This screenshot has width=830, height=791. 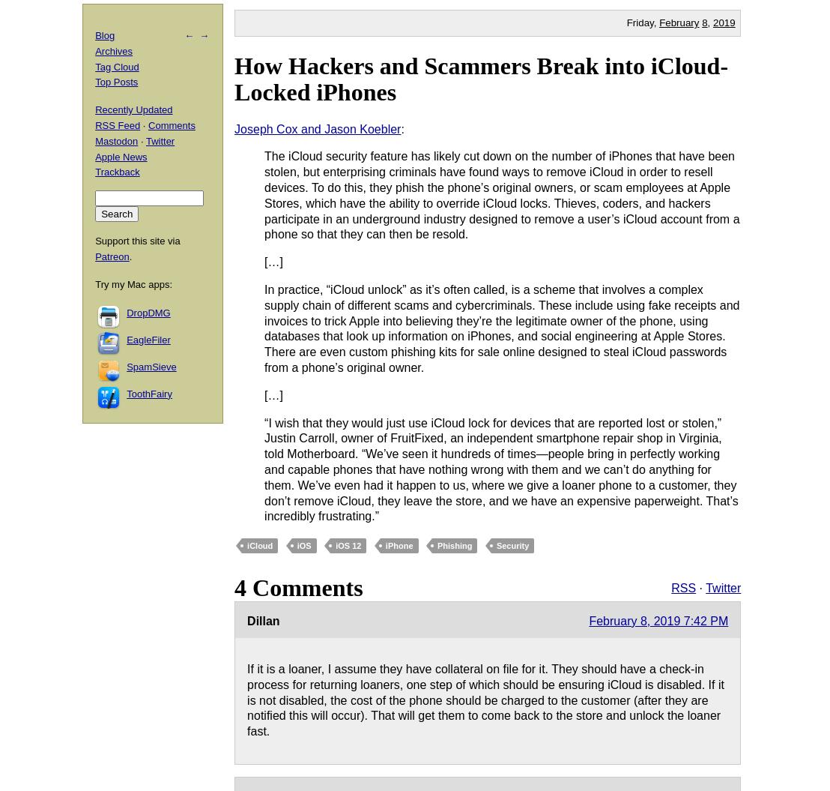 What do you see at coordinates (136, 240) in the screenshot?
I see `'Support this site via'` at bounding box center [136, 240].